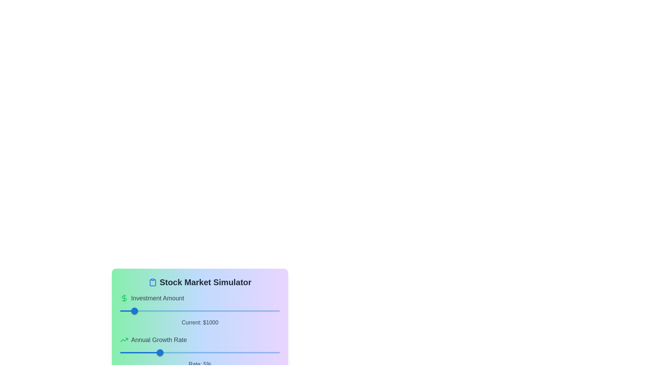  I want to click on the investment amount, so click(116, 311).